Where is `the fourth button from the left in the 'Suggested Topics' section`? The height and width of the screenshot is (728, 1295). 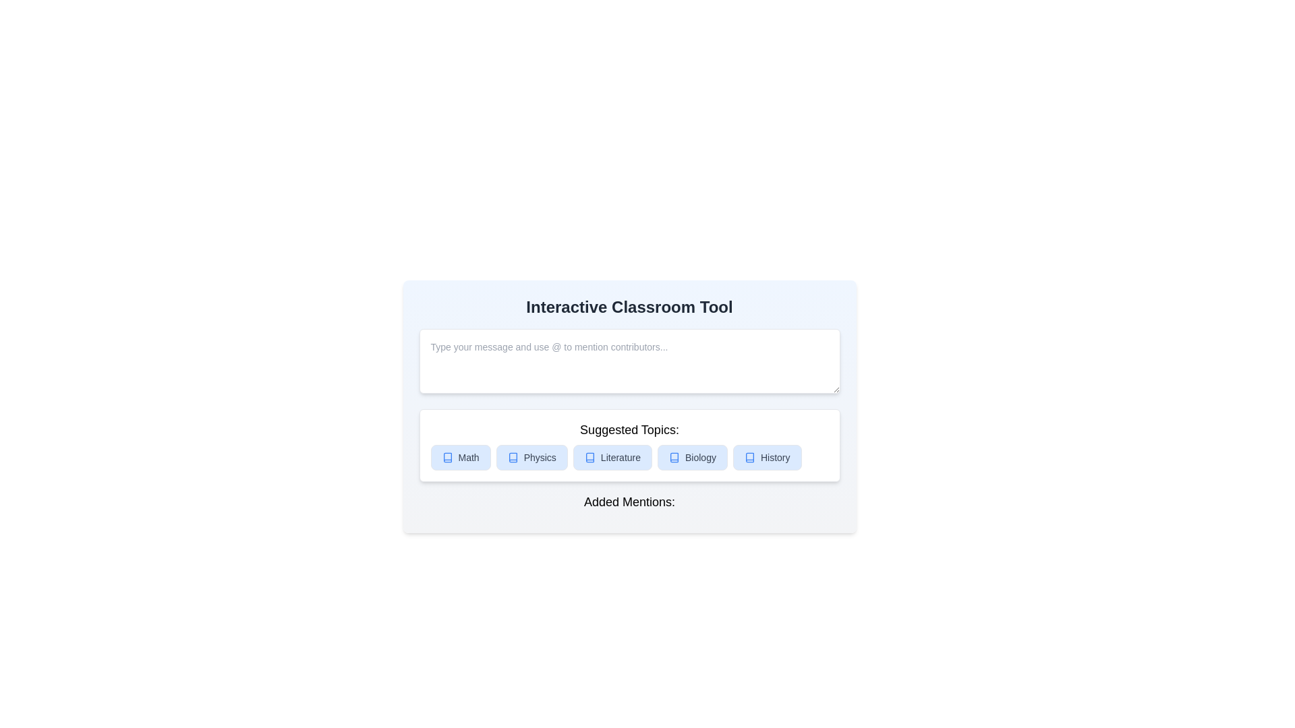 the fourth button from the left in the 'Suggested Topics' section is located at coordinates (693, 456).